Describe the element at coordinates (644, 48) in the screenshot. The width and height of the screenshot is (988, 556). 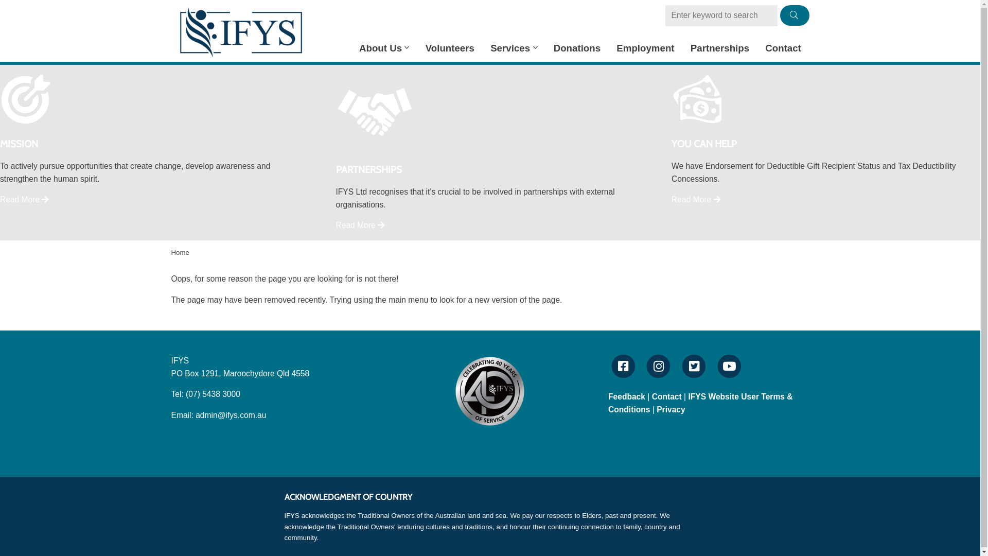
I see `'Employment'` at that location.